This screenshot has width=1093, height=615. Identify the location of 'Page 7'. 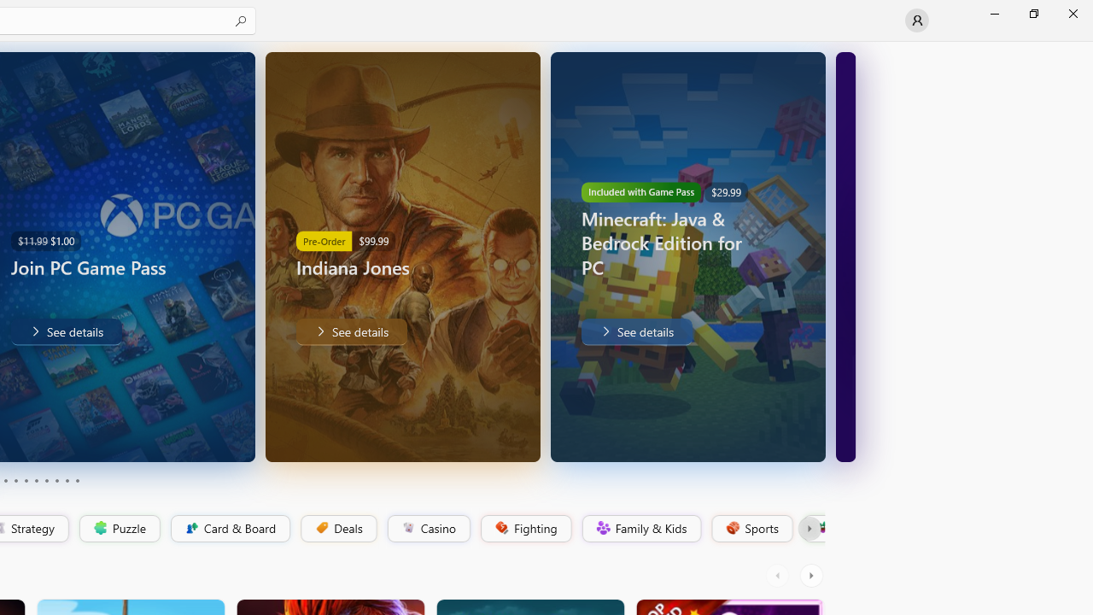
(46, 481).